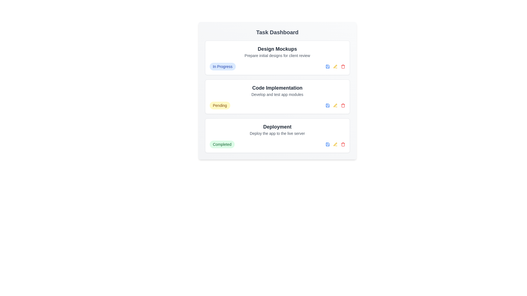 The image size is (527, 296). What do you see at coordinates (335, 66) in the screenshot?
I see `the edit button for the task titled 'Design Mockups'` at bounding box center [335, 66].